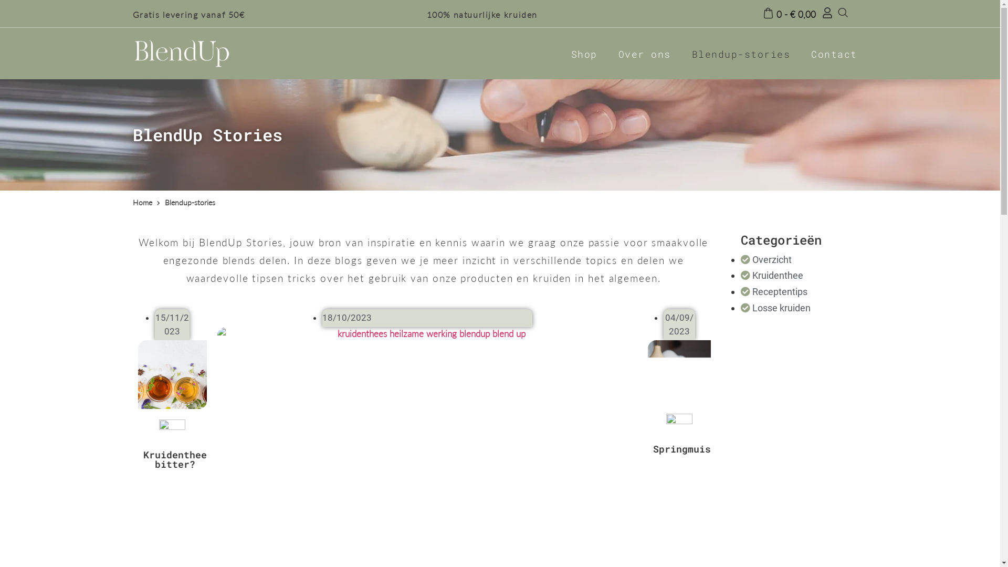 Image resolution: width=1008 pixels, height=567 pixels. Describe the element at coordinates (347, 317) in the screenshot. I see `'18/10/2023'` at that location.